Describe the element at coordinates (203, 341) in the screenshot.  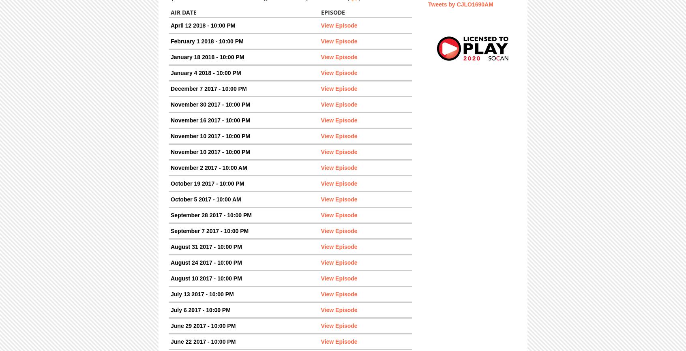
I see `'June 22 2017 - 10:00 PM'` at that location.